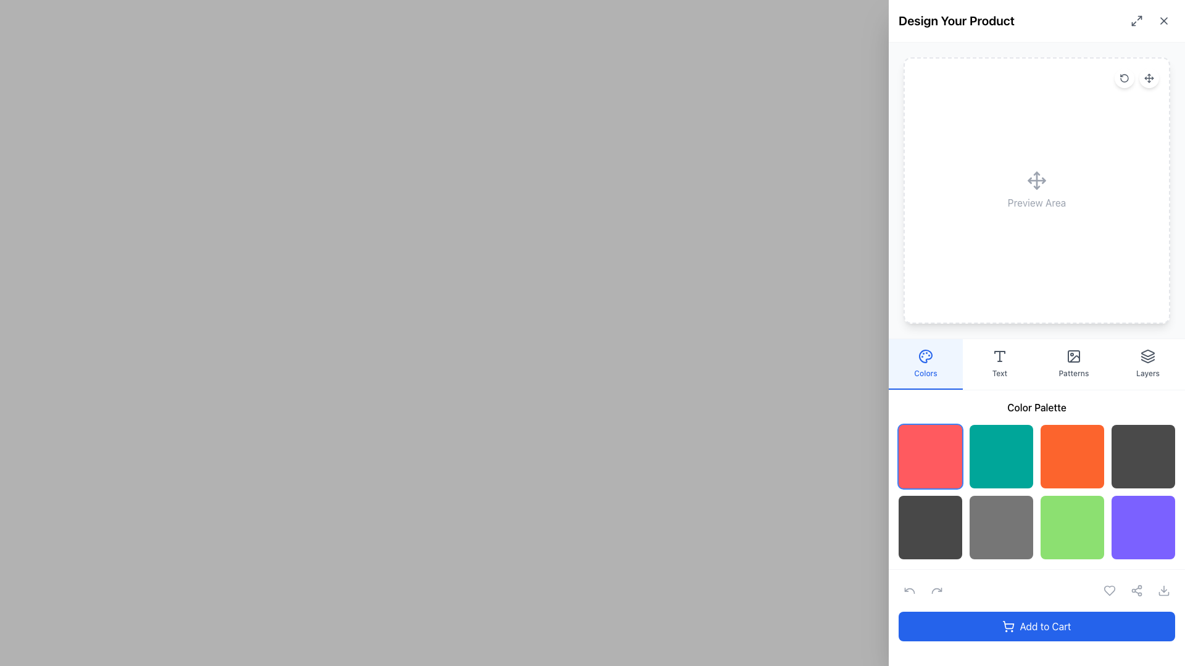 The height and width of the screenshot is (666, 1185). Describe the element at coordinates (1037, 491) in the screenshot. I see `an individual color swatch in the grid of selectable color swatches located beneath the 'Color Palette' heading` at that location.